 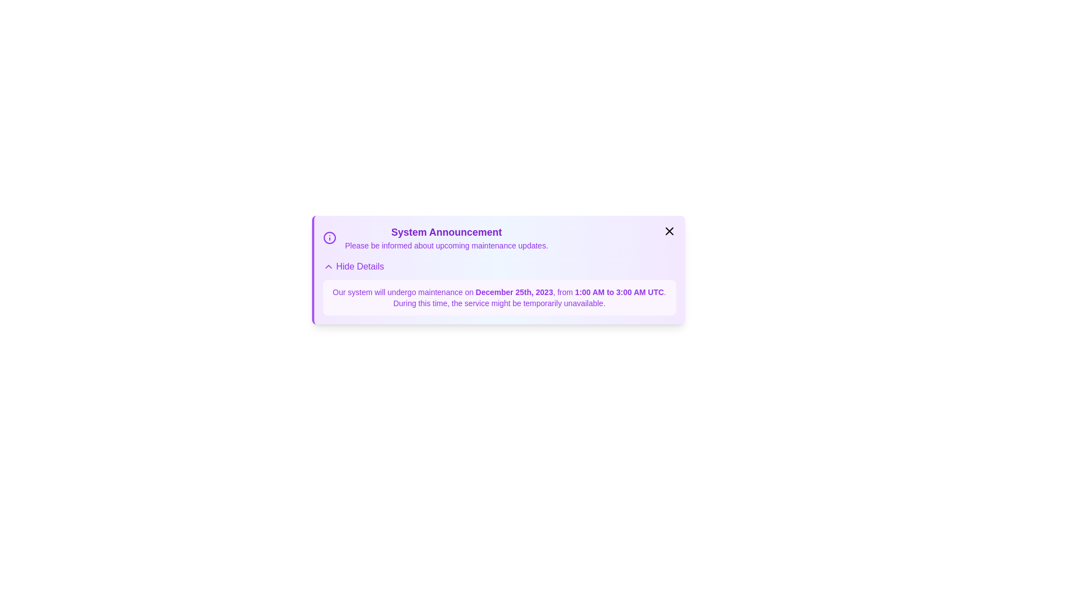 What do you see at coordinates (499, 297) in the screenshot?
I see `the static text block that displays critical information about scheduled maintenance in the notice panel located in the lower half of the announcement interface` at bounding box center [499, 297].